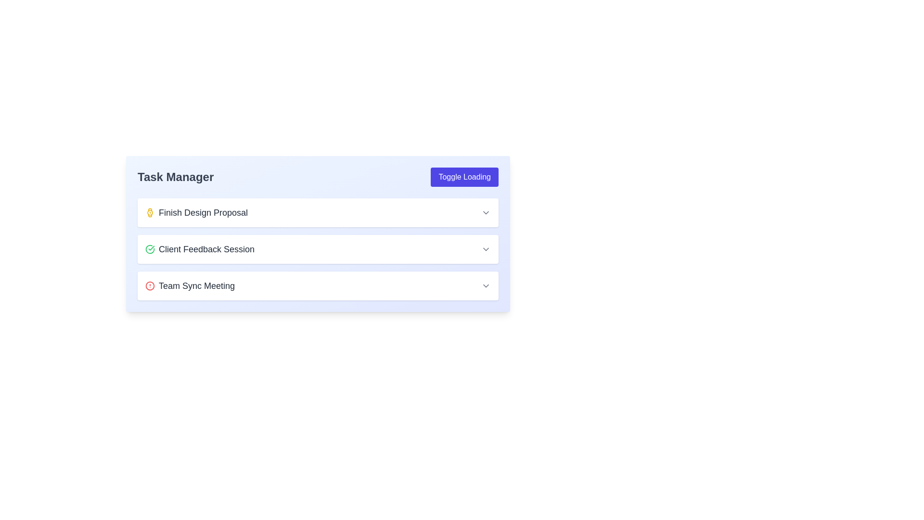 The width and height of the screenshot is (924, 520). What do you see at coordinates (318, 248) in the screenshot?
I see `the 'Client Feedback Session' list item` at bounding box center [318, 248].